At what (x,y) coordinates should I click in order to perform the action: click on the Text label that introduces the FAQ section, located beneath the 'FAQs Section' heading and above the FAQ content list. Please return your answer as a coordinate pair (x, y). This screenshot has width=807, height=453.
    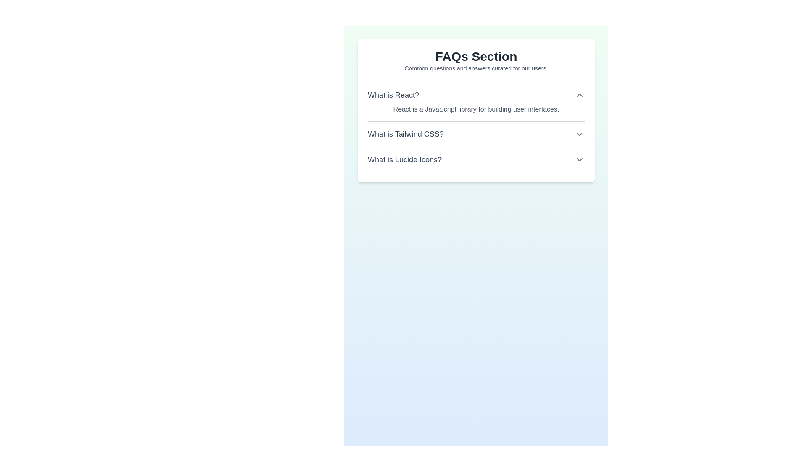
    Looking at the image, I should click on (476, 68).